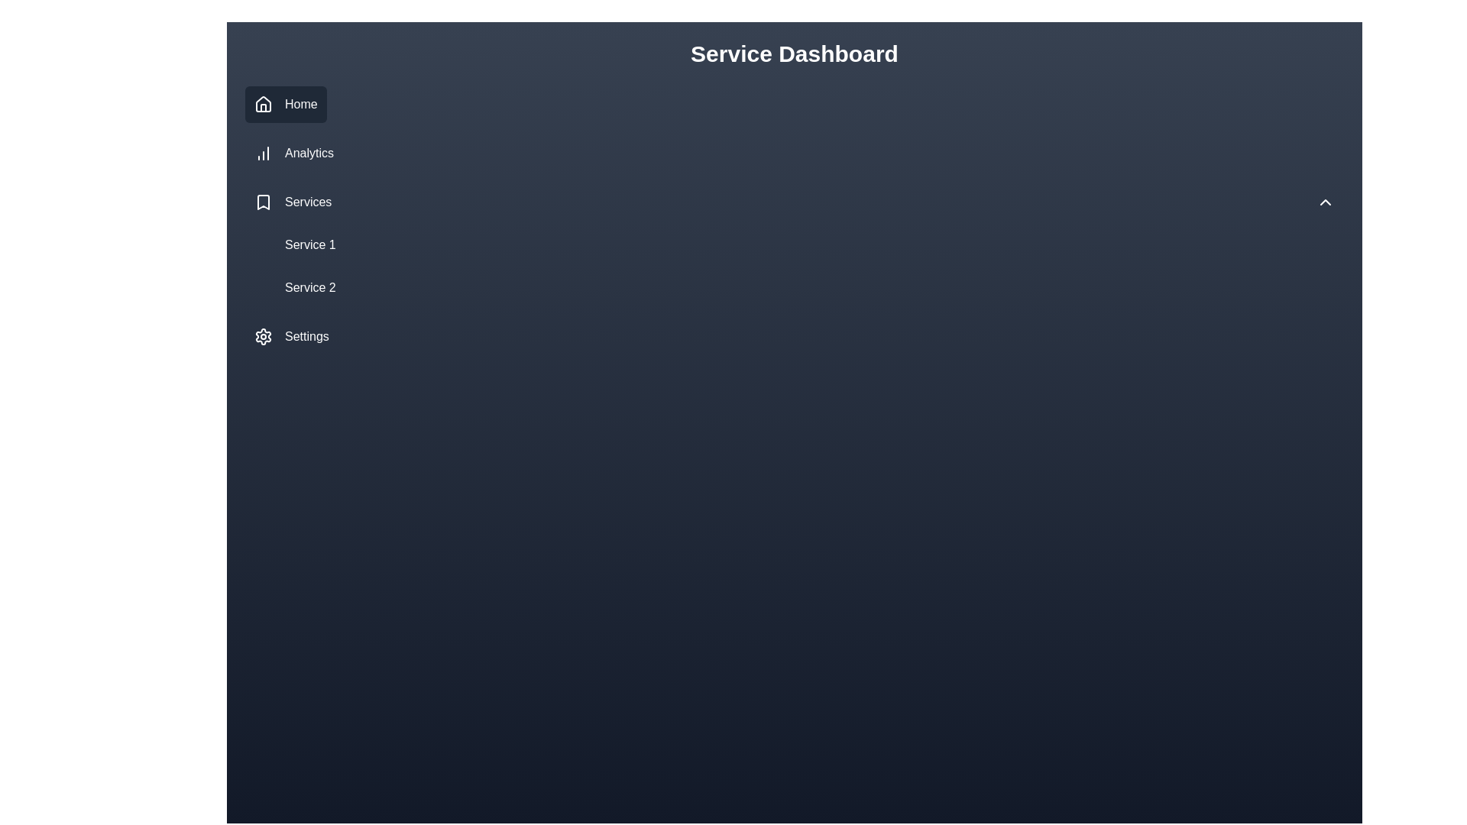 The height and width of the screenshot is (825, 1467). I want to click on the settings icon located on the left-side navigation bar, adjacent to the 'Settings' text, so click(264, 335).